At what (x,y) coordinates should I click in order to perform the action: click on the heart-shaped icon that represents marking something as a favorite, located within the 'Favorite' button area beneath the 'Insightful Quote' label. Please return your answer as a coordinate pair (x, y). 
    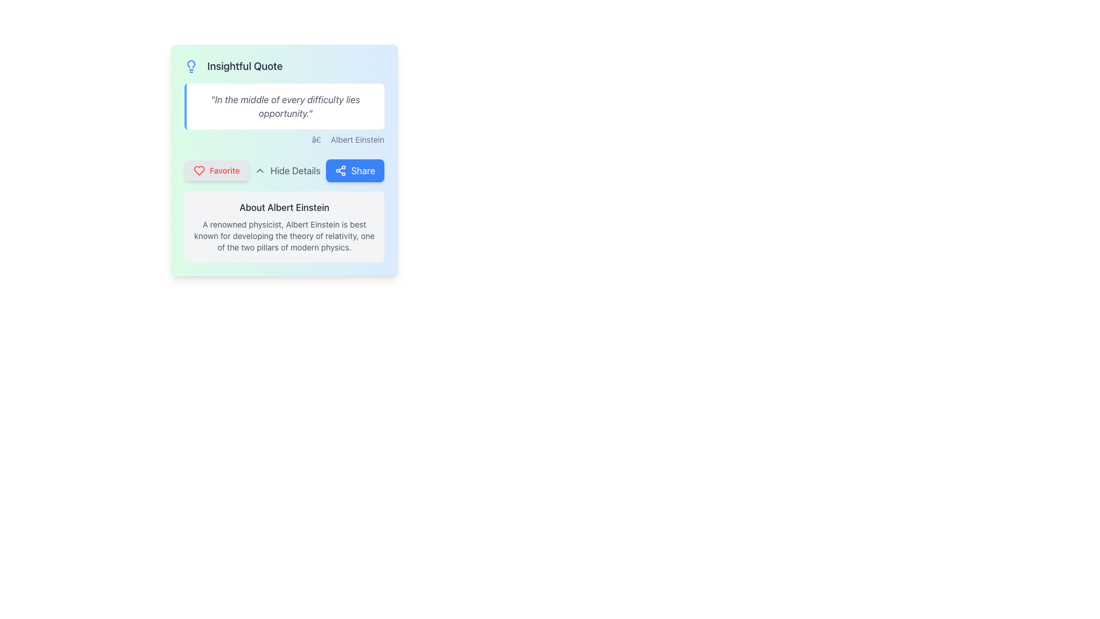
    Looking at the image, I should click on (199, 170).